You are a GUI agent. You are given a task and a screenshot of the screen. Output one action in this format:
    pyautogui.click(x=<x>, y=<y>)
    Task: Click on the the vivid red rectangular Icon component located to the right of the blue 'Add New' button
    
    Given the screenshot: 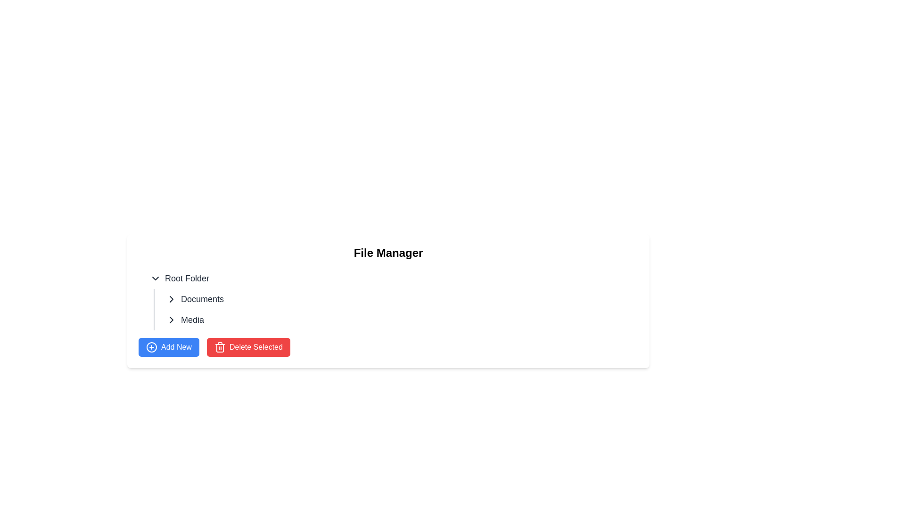 What is the action you would take?
    pyautogui.click(x=219, y=348)
    